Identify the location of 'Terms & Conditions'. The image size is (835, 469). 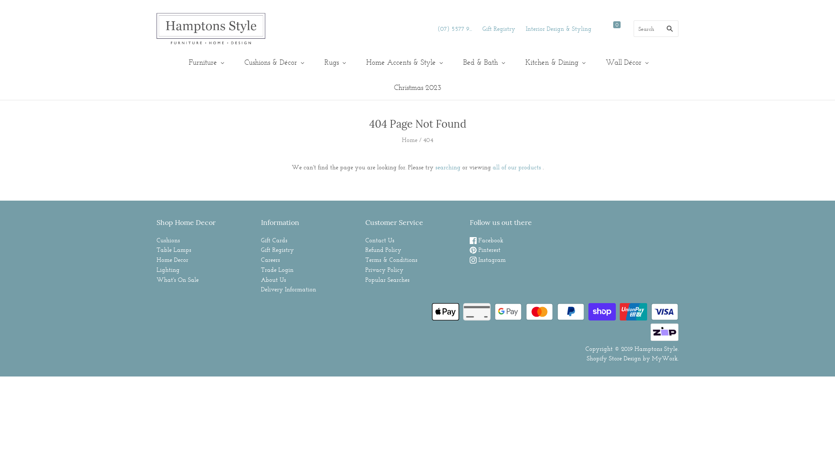
(391, 259).